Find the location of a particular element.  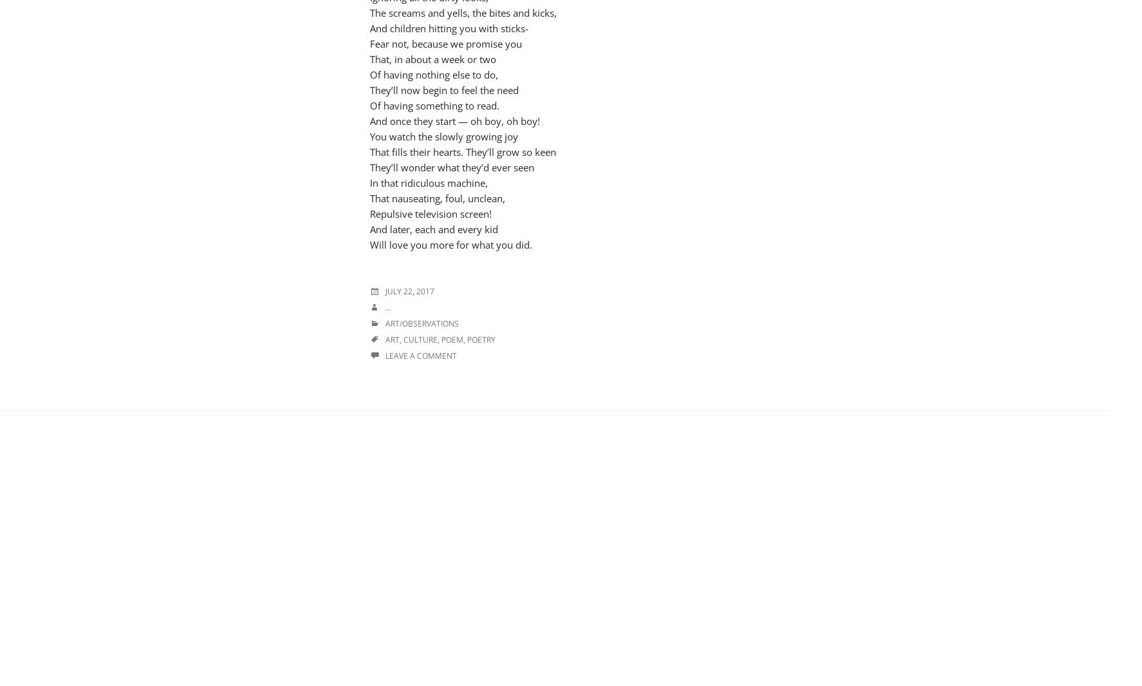

'Fear not, because we promise you' is located at coordinates (446, 43).